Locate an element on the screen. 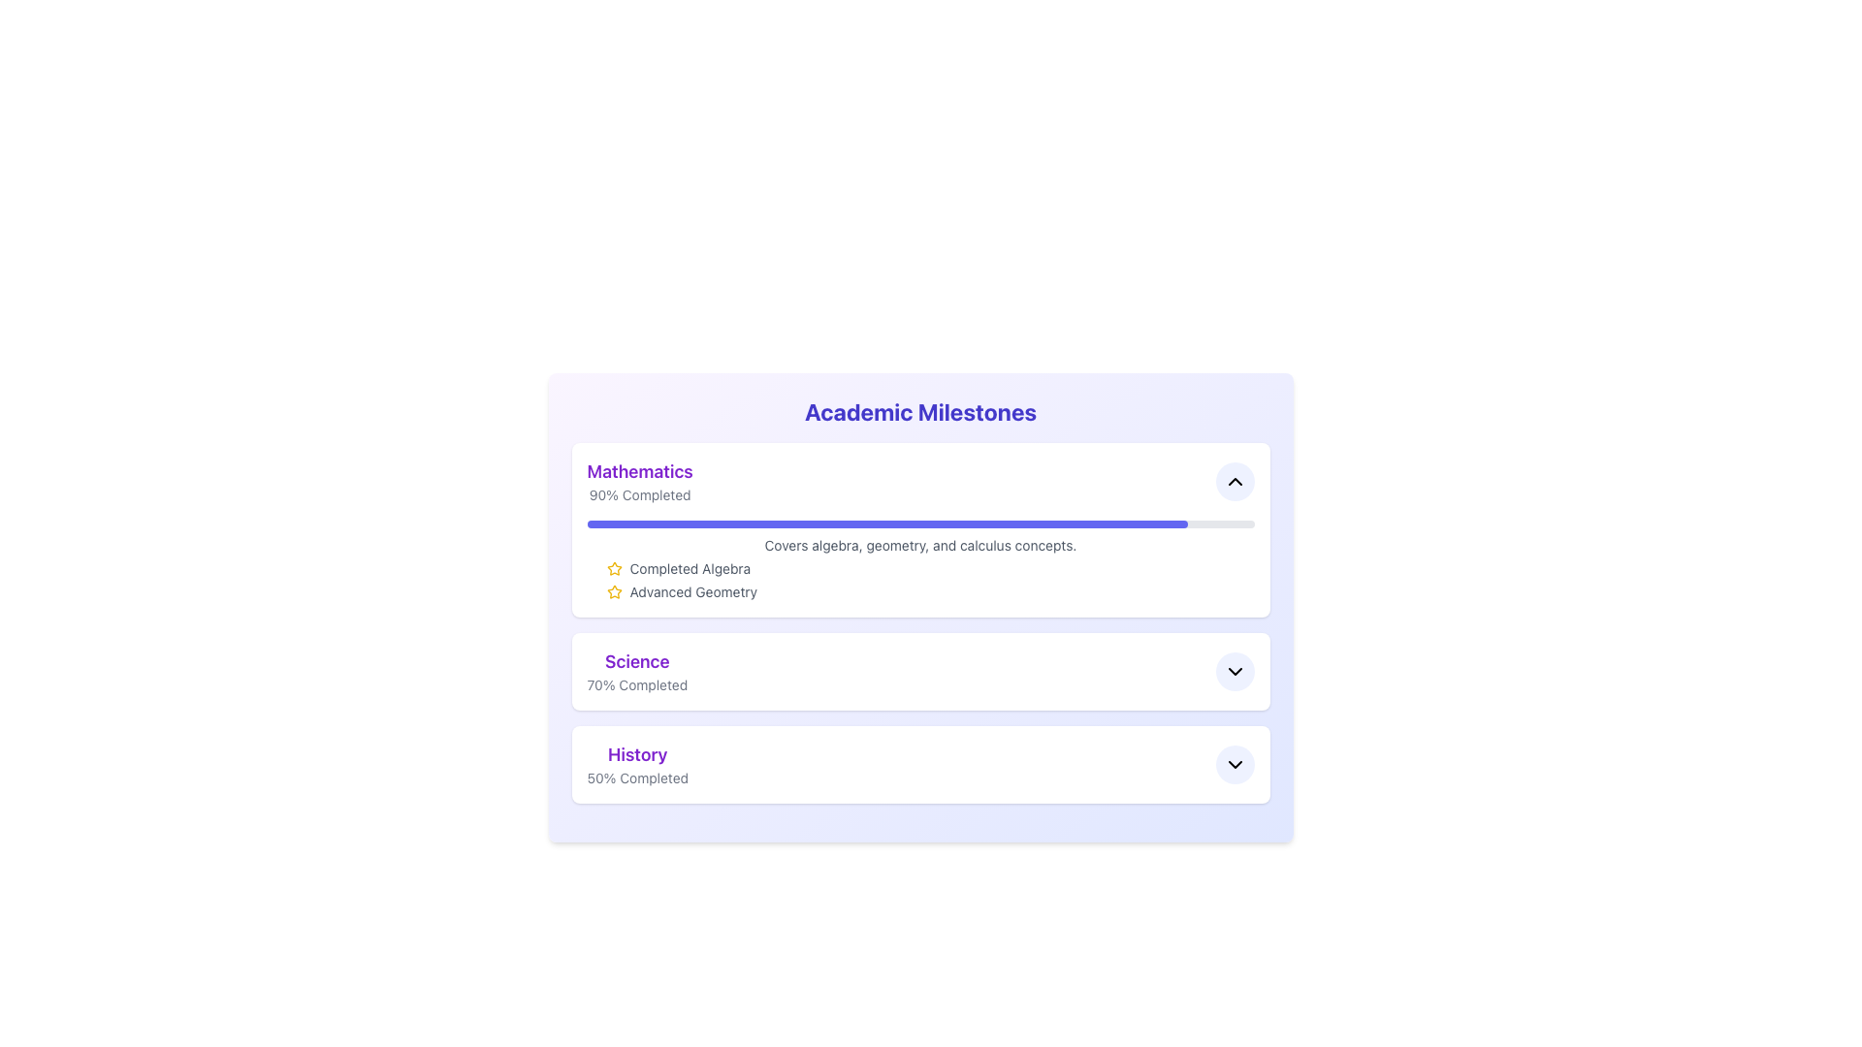 The width and height of the screenshot is (1862, 1047). the circular button with a light indigo background and a downward-pointing chevron icon is located at coordinates (1234, 671).